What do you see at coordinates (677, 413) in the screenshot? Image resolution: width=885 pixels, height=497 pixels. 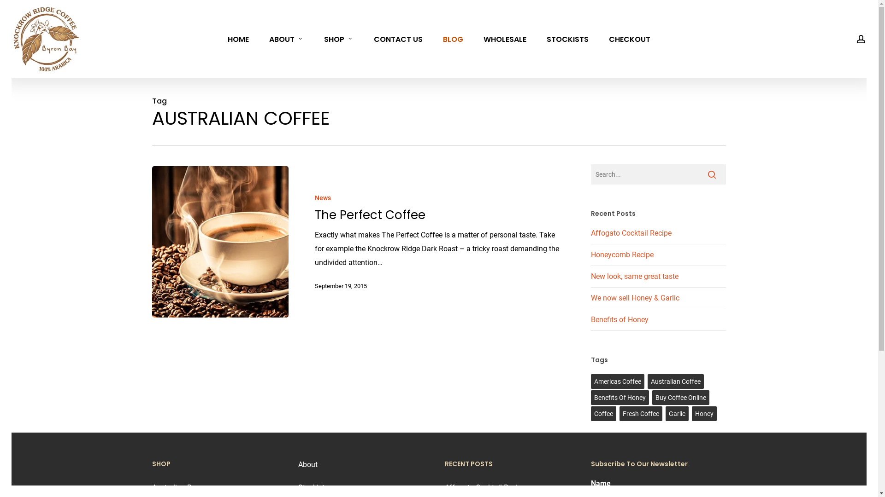 I see `'Garlic'` at bounding box center [677, 413].